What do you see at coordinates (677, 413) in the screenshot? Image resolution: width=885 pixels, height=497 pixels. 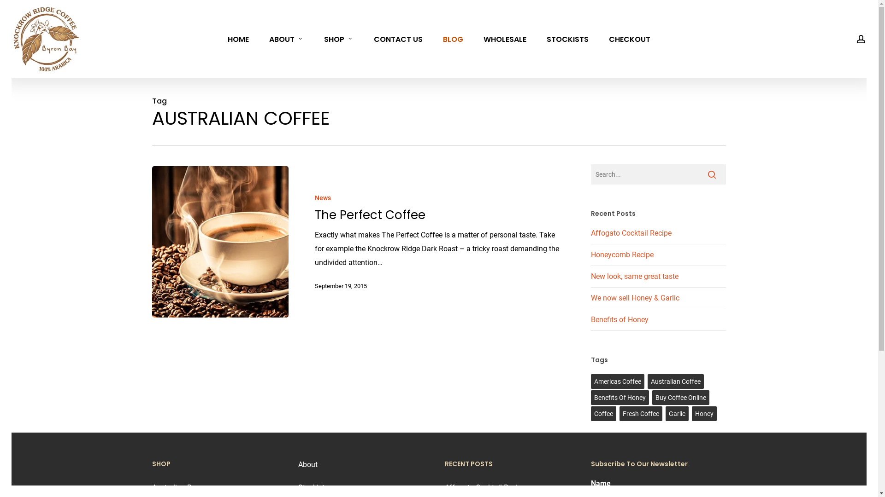 I see `'Garlic'` at bounding box center [677, 413].